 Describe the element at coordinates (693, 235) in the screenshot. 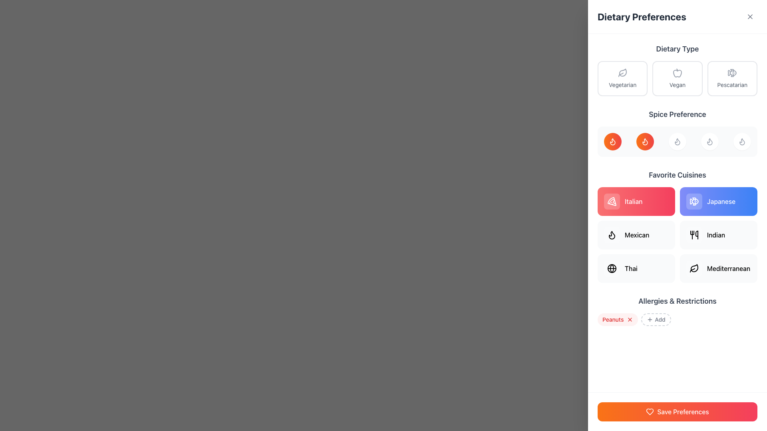

I see `the utensils icon in the 'Favorite Cuisines' section, which represents the 'Indian' cuisine` at that location.